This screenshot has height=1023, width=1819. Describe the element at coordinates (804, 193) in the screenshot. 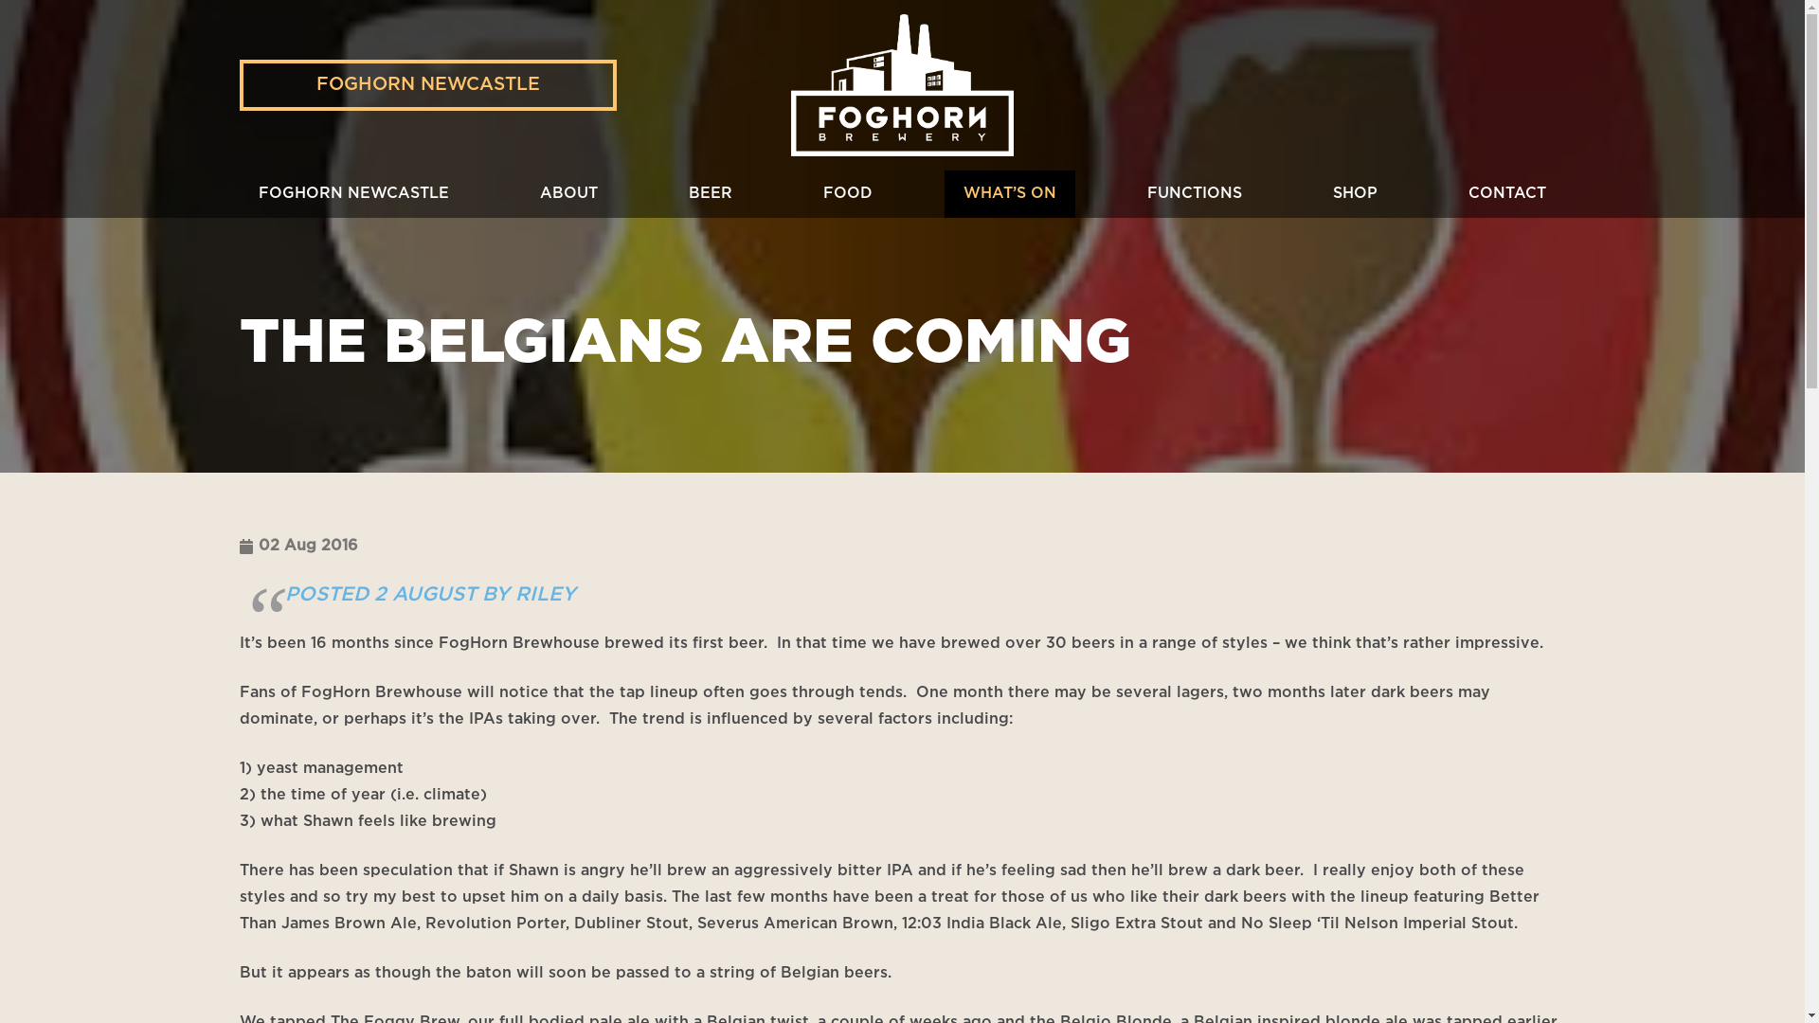

I see `'FOOD'` at that location.